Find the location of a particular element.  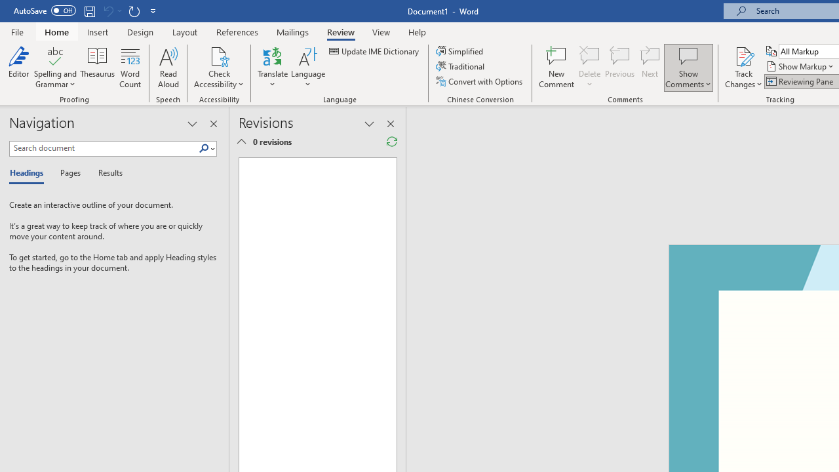

'Repeat Doc Close' is located at coordinates (134, 10).